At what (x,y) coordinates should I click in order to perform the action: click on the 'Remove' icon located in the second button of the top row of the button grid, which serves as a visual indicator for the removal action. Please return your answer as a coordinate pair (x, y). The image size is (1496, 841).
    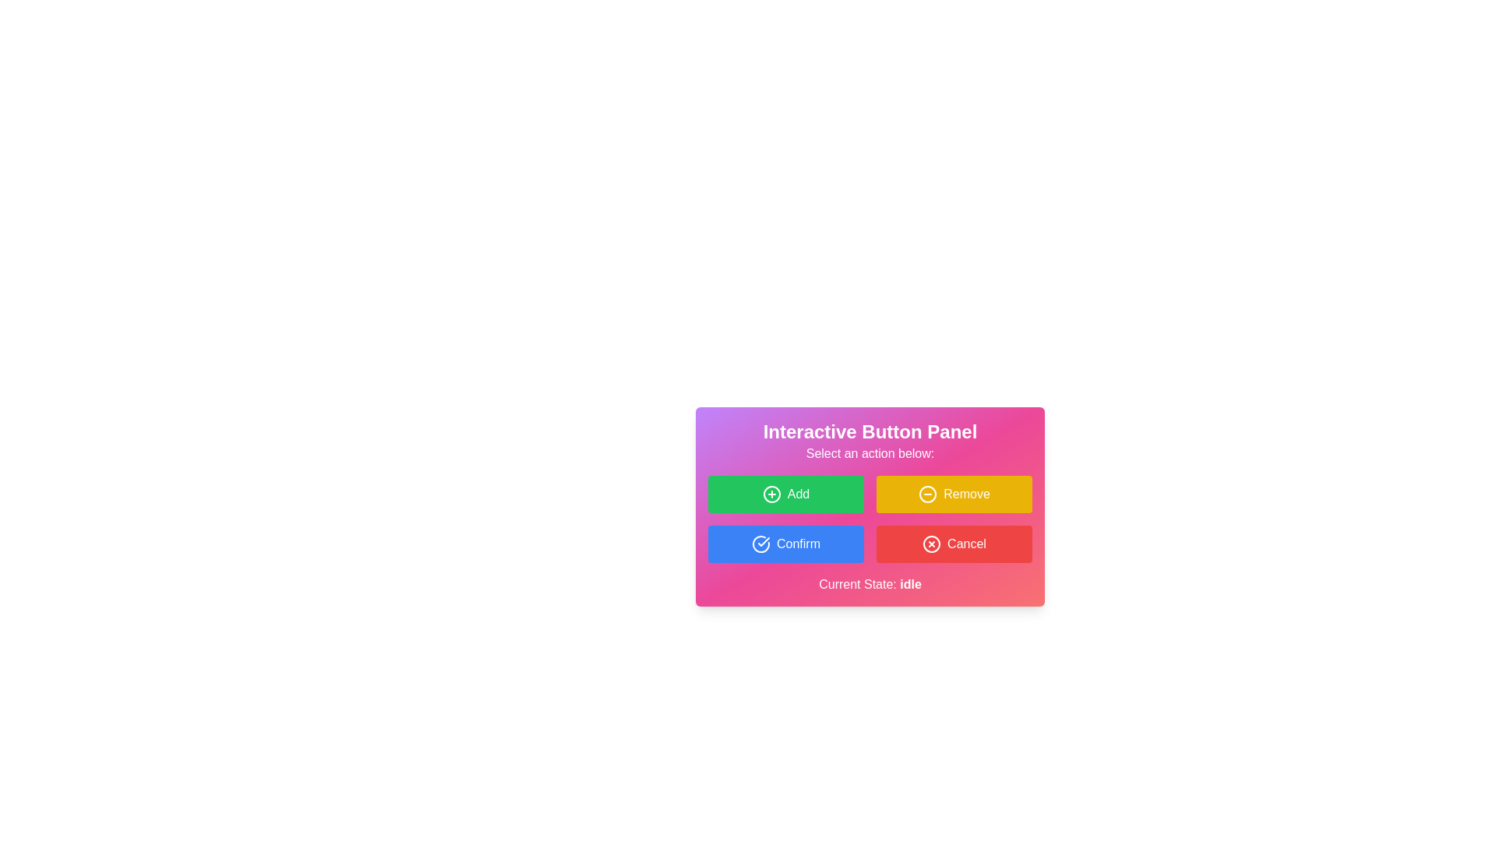
    Looking at the image, I should click on (928, 494).